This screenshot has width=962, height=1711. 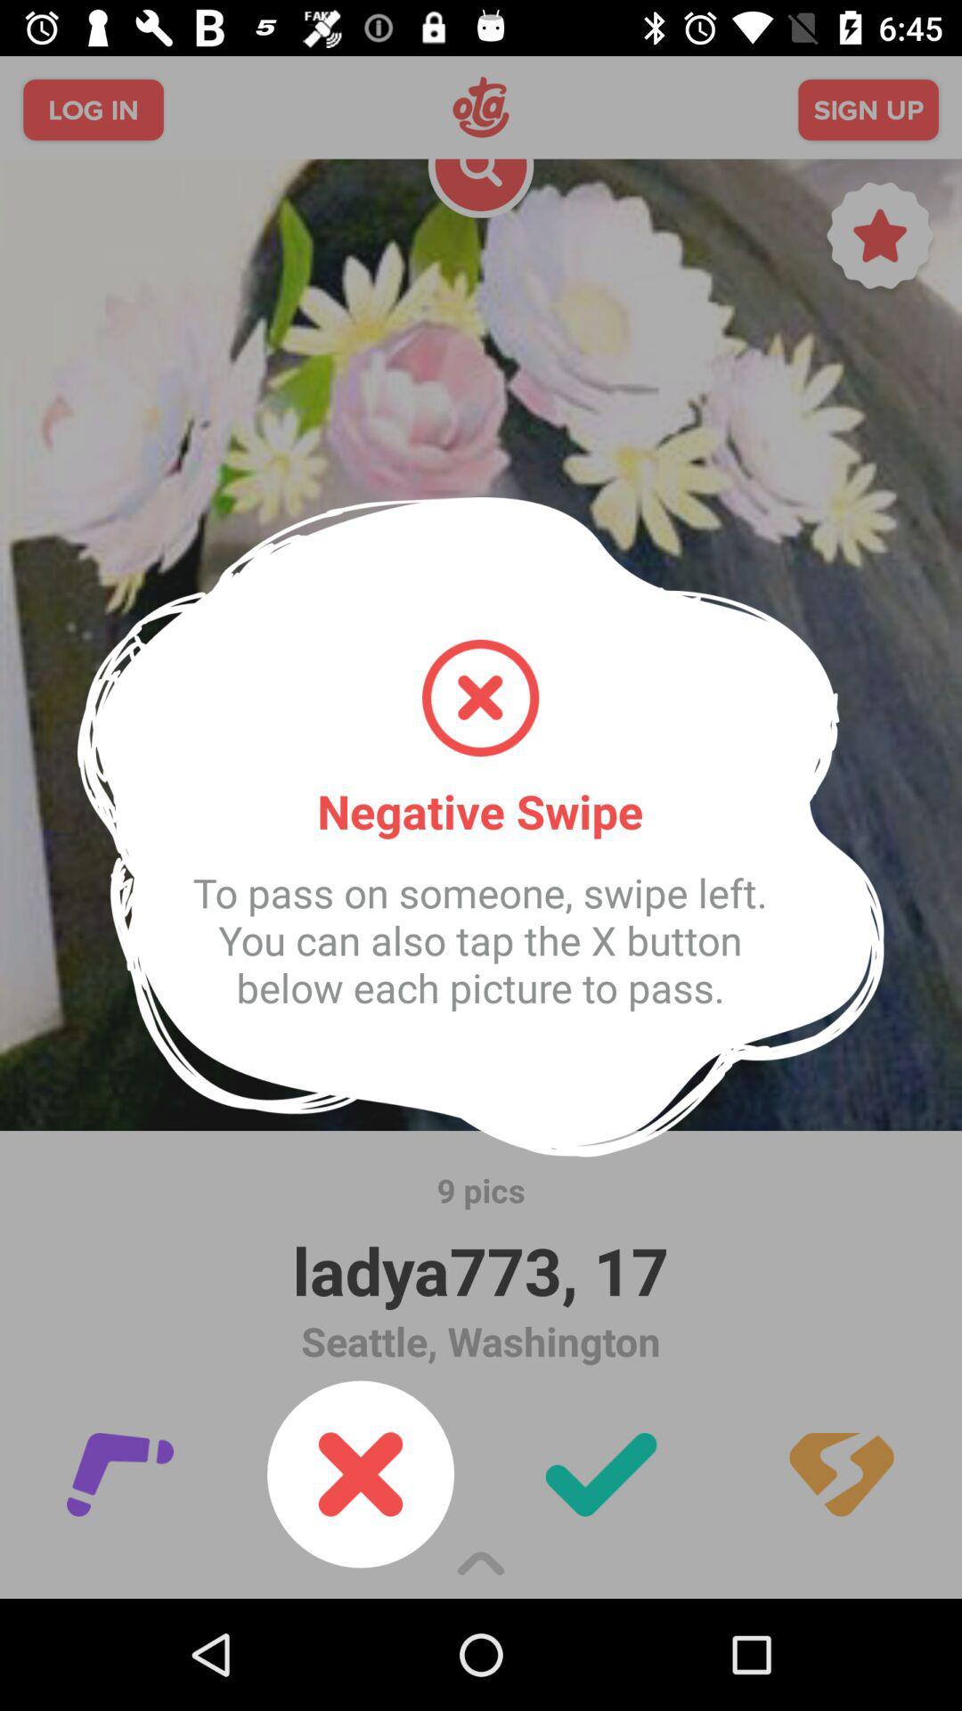 I want to click on the check icon, so click(x=601, y=1474).